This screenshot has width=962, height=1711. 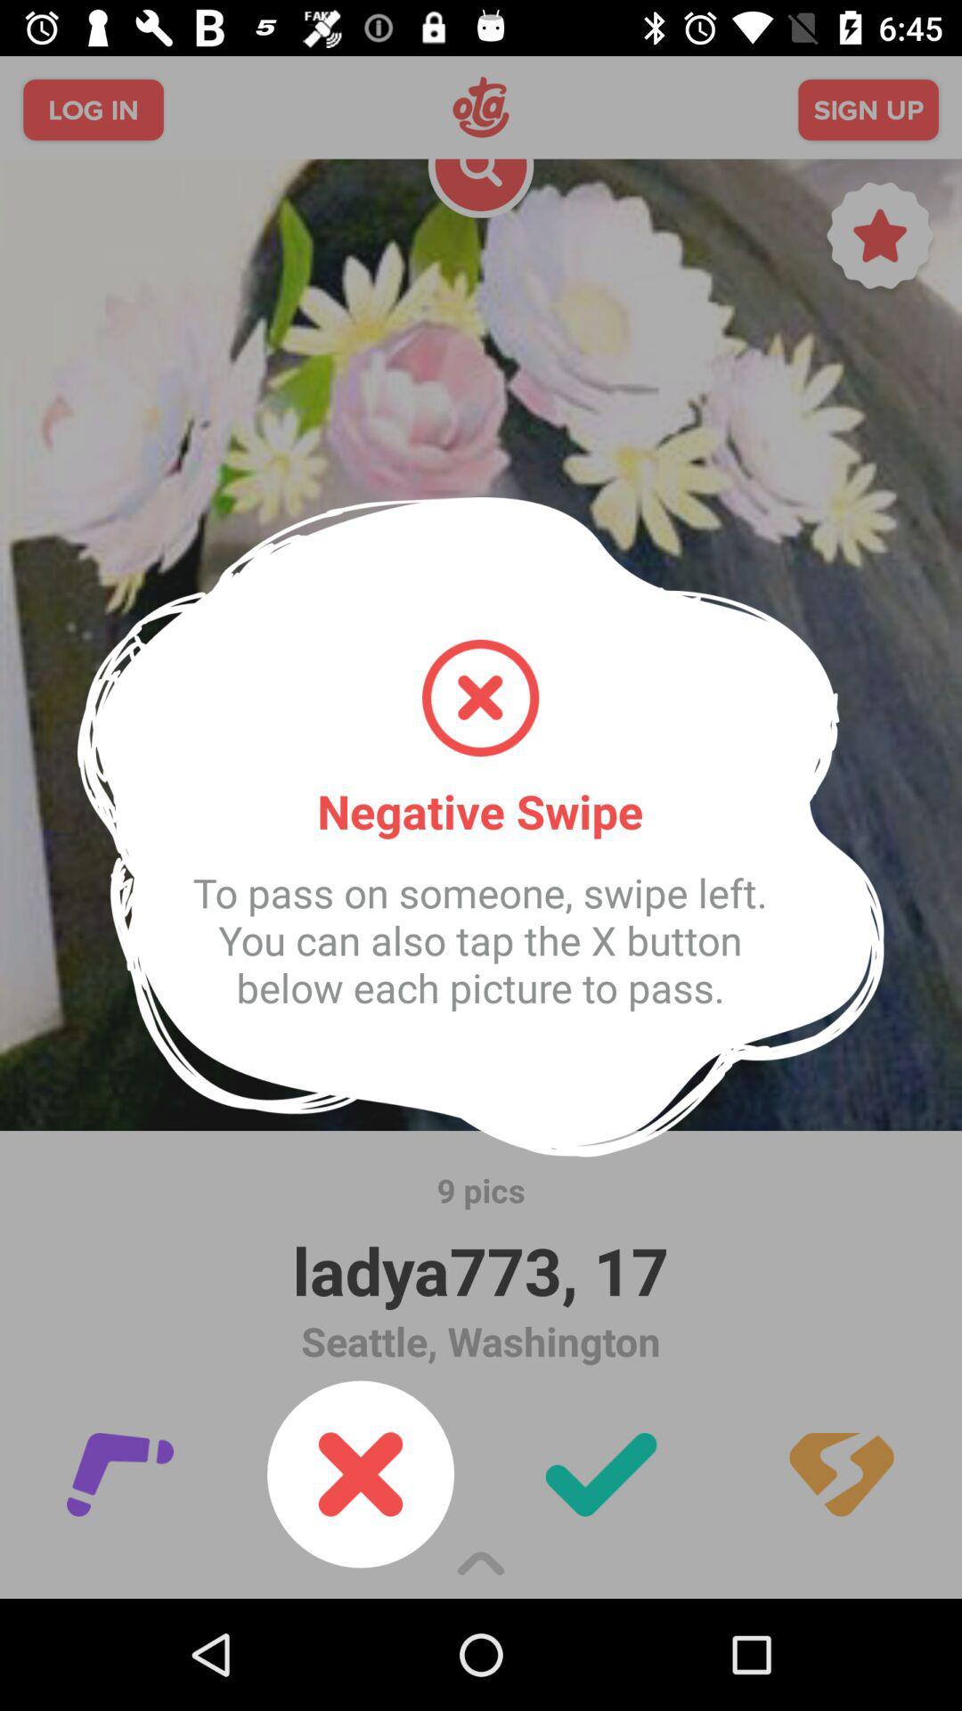 I want to click on the check icon, so click(x=601, y=1474).